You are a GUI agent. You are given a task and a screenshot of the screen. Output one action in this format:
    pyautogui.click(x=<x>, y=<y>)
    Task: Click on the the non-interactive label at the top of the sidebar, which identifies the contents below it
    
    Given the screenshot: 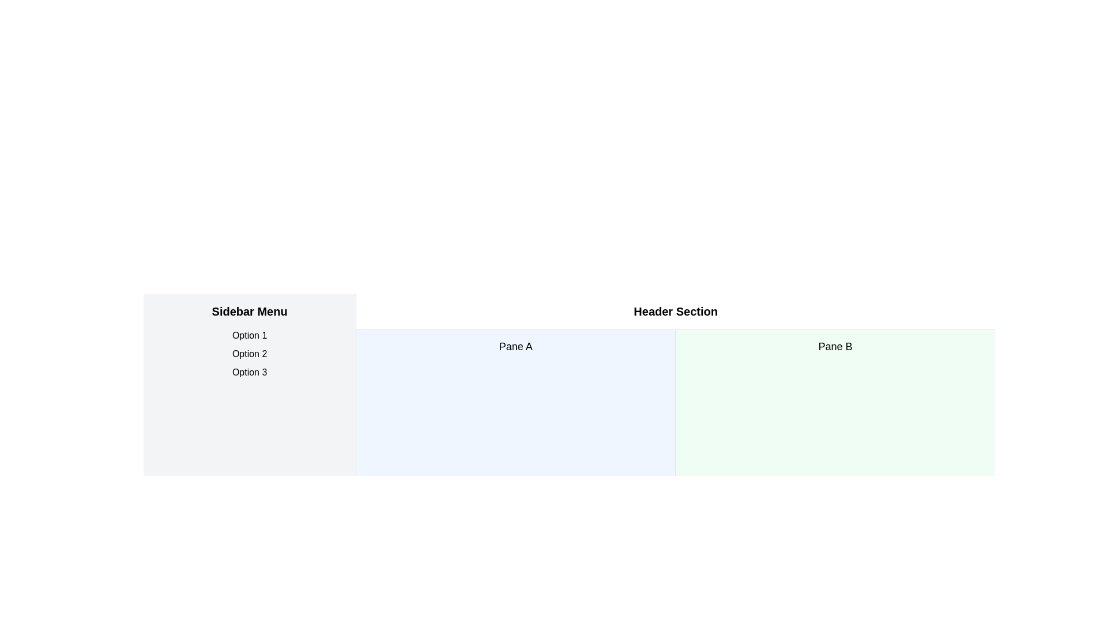 What is the action you would take?
    pyautogui.click(x=249, y=311)
    